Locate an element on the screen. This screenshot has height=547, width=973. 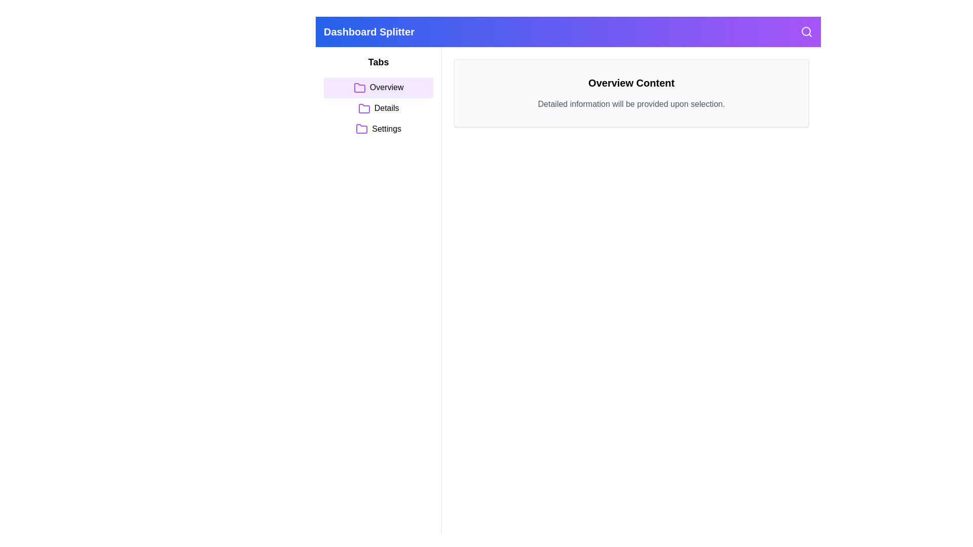
the circular search icon with a purple gradient header is located at coordinates (806, 31).